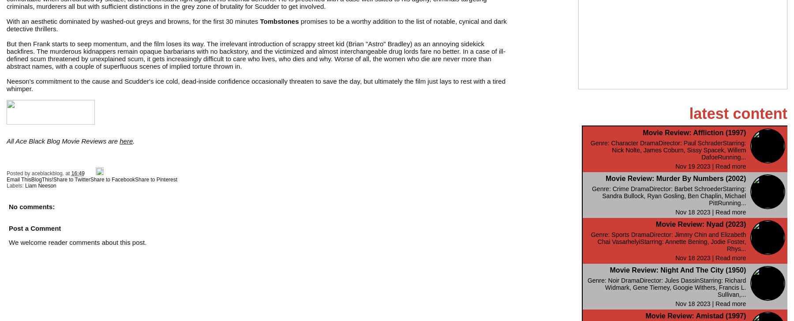 The image size is (794, 321). What do you see at coordinates (126, 140) in the screenshot?
I see `'here'` at bounding box center [126, 140].